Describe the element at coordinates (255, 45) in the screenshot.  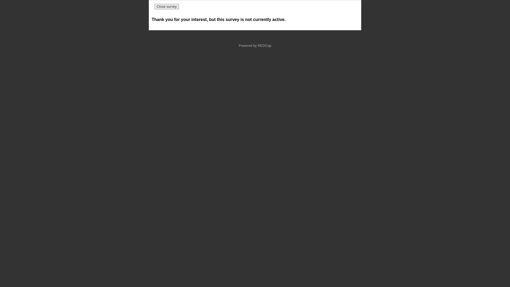
I see `'Powered by REDCap'` at that location.